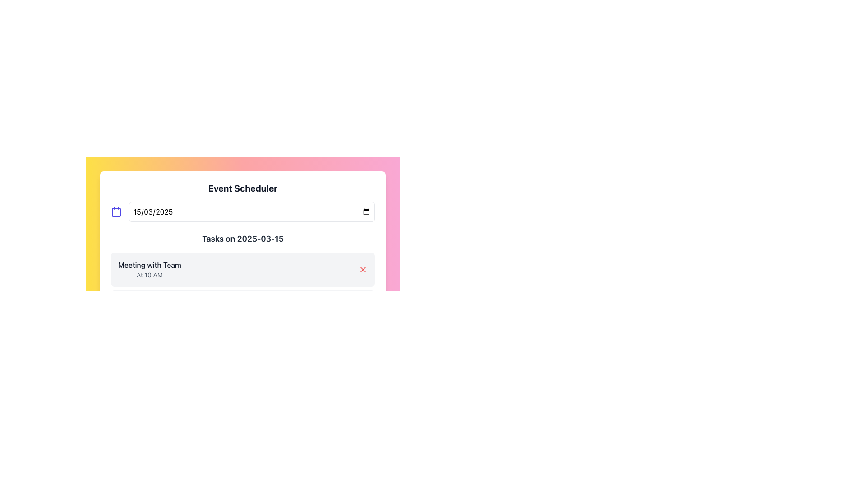  What do you see at coordinates (243, 278) in the screenshot?
I see `the first task entry component for the meeting scheduled on March 15, 2025` at bounding box center [243, 278].